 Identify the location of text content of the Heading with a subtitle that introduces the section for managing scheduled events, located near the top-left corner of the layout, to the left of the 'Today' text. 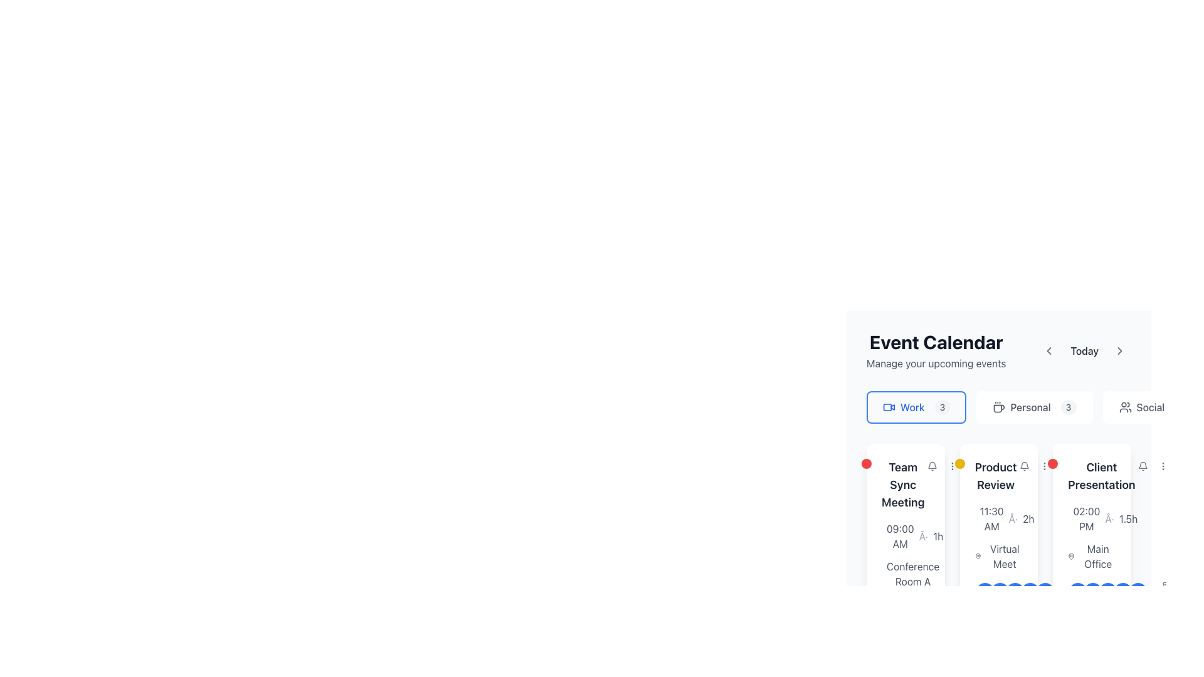
(936, 350).